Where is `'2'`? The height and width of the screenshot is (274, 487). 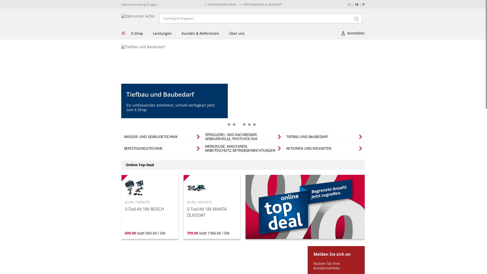 '2' is located at coordinates (234, 124).